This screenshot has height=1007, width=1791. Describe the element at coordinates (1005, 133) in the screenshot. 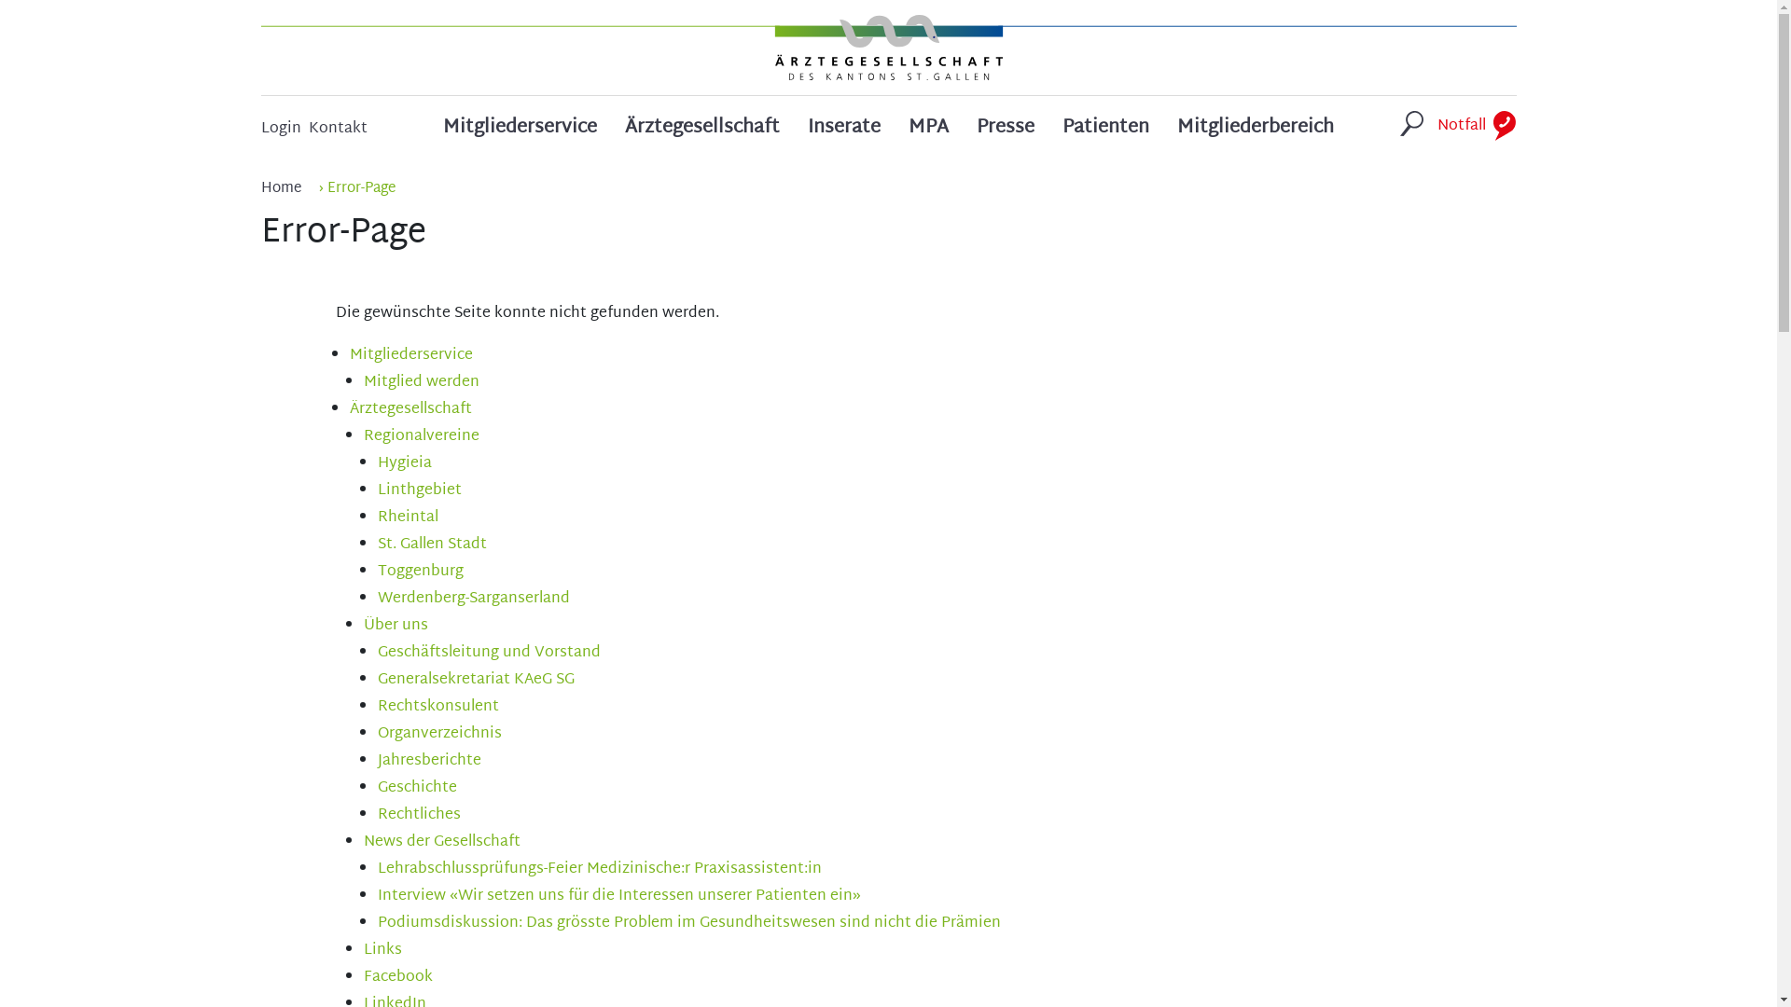

I see `'Presse'` at that location.